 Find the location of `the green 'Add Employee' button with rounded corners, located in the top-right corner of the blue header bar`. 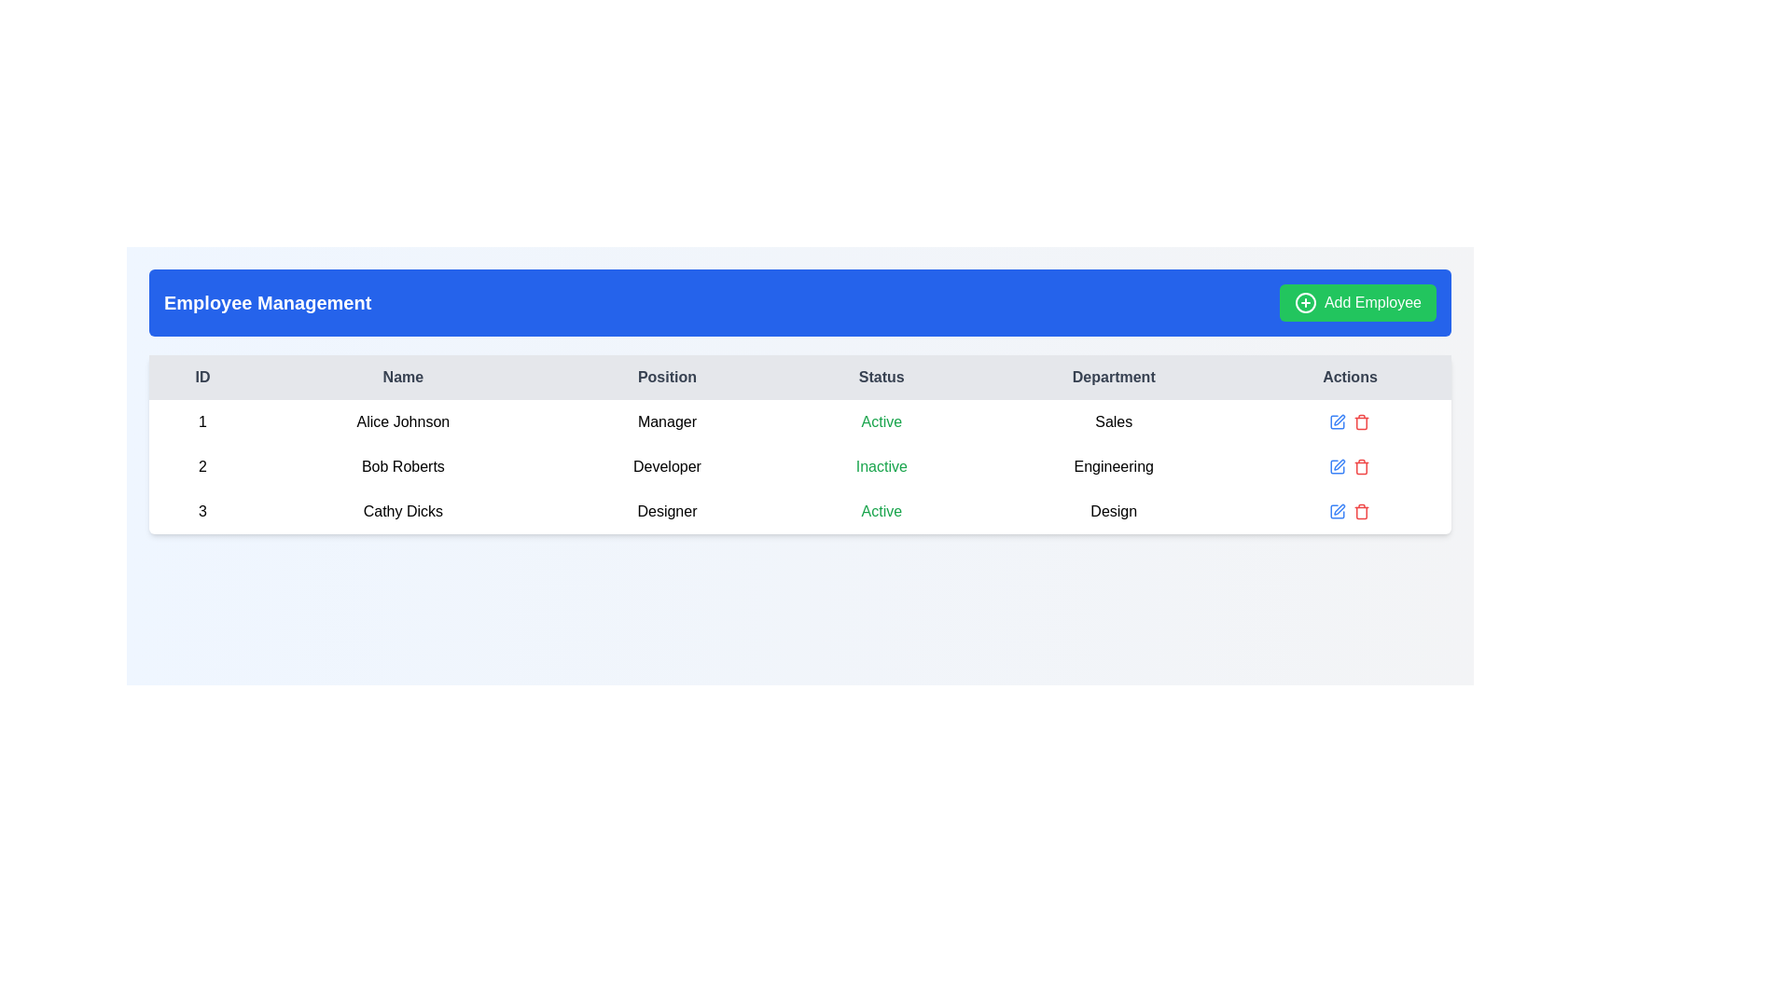

the green 'Add Employee' button with rounded corners, located in the top-right corner of the blue header bar is located at coordinates (1357, 301).